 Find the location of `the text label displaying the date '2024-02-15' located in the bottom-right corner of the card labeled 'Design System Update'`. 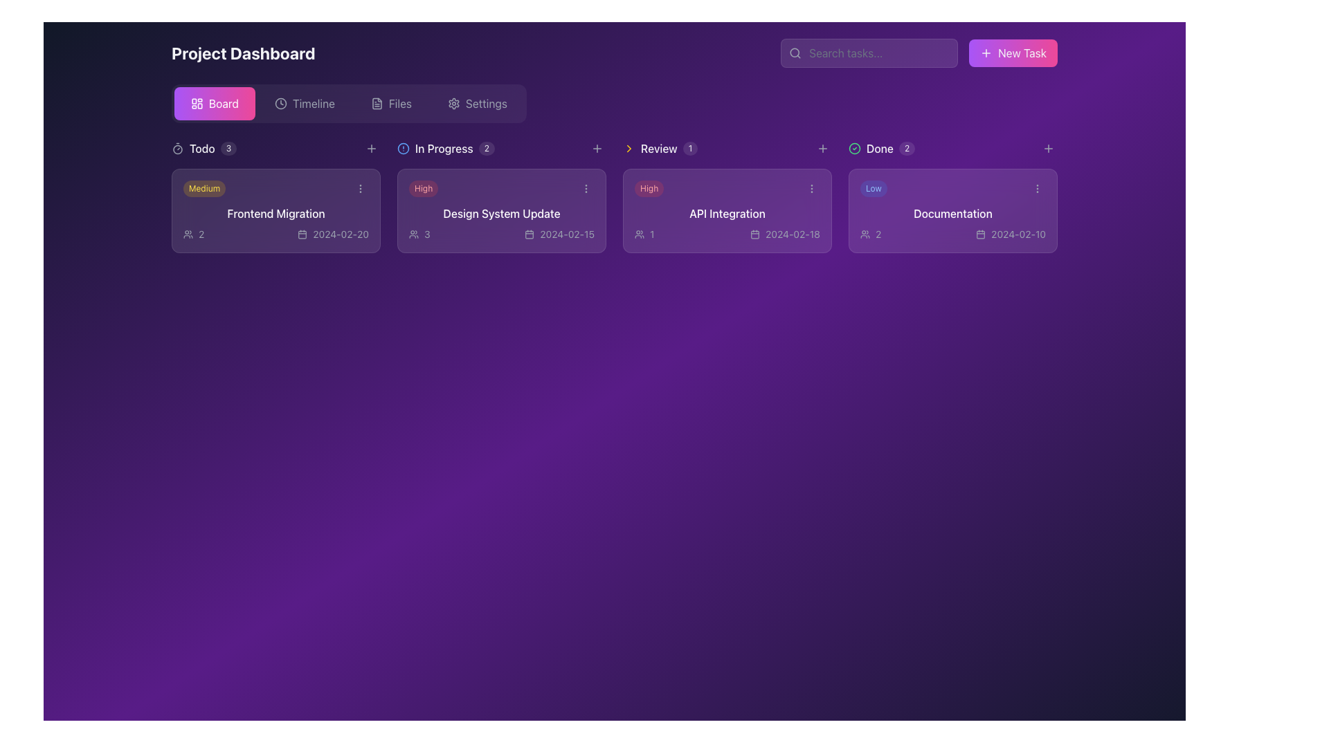

the text label displaying the date '2024-02-15' located in the bottom-right corner of the card labeled 'Design System Update' is located at coordinates (567, 234).